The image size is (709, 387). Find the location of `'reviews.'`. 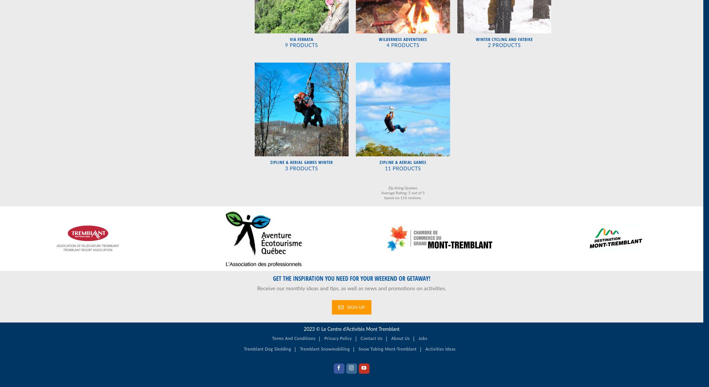

'reviews.' is located at coordinates (414, 197).